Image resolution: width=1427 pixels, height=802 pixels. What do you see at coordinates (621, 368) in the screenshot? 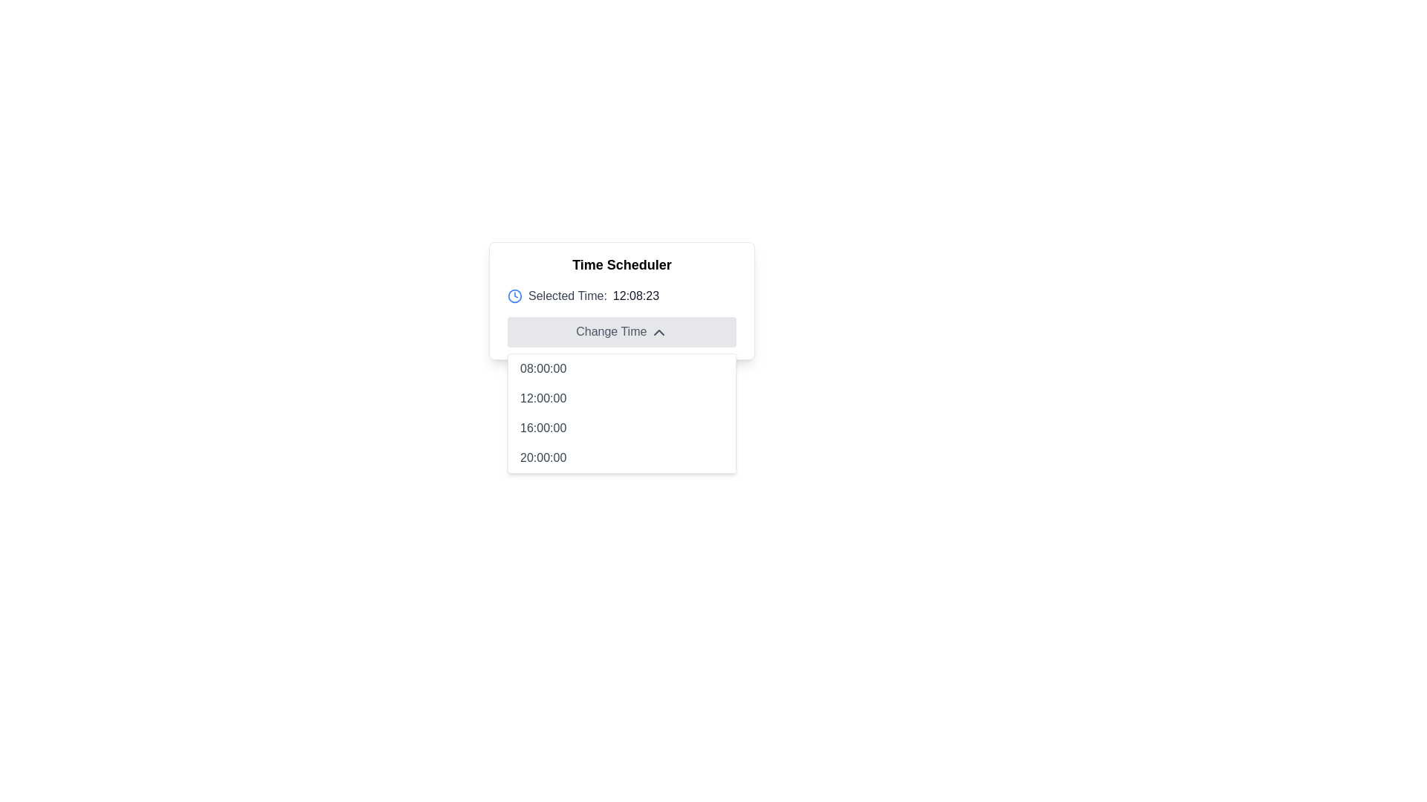
I see `the first item in the dropdown menu` at bounding box center [621, 368].